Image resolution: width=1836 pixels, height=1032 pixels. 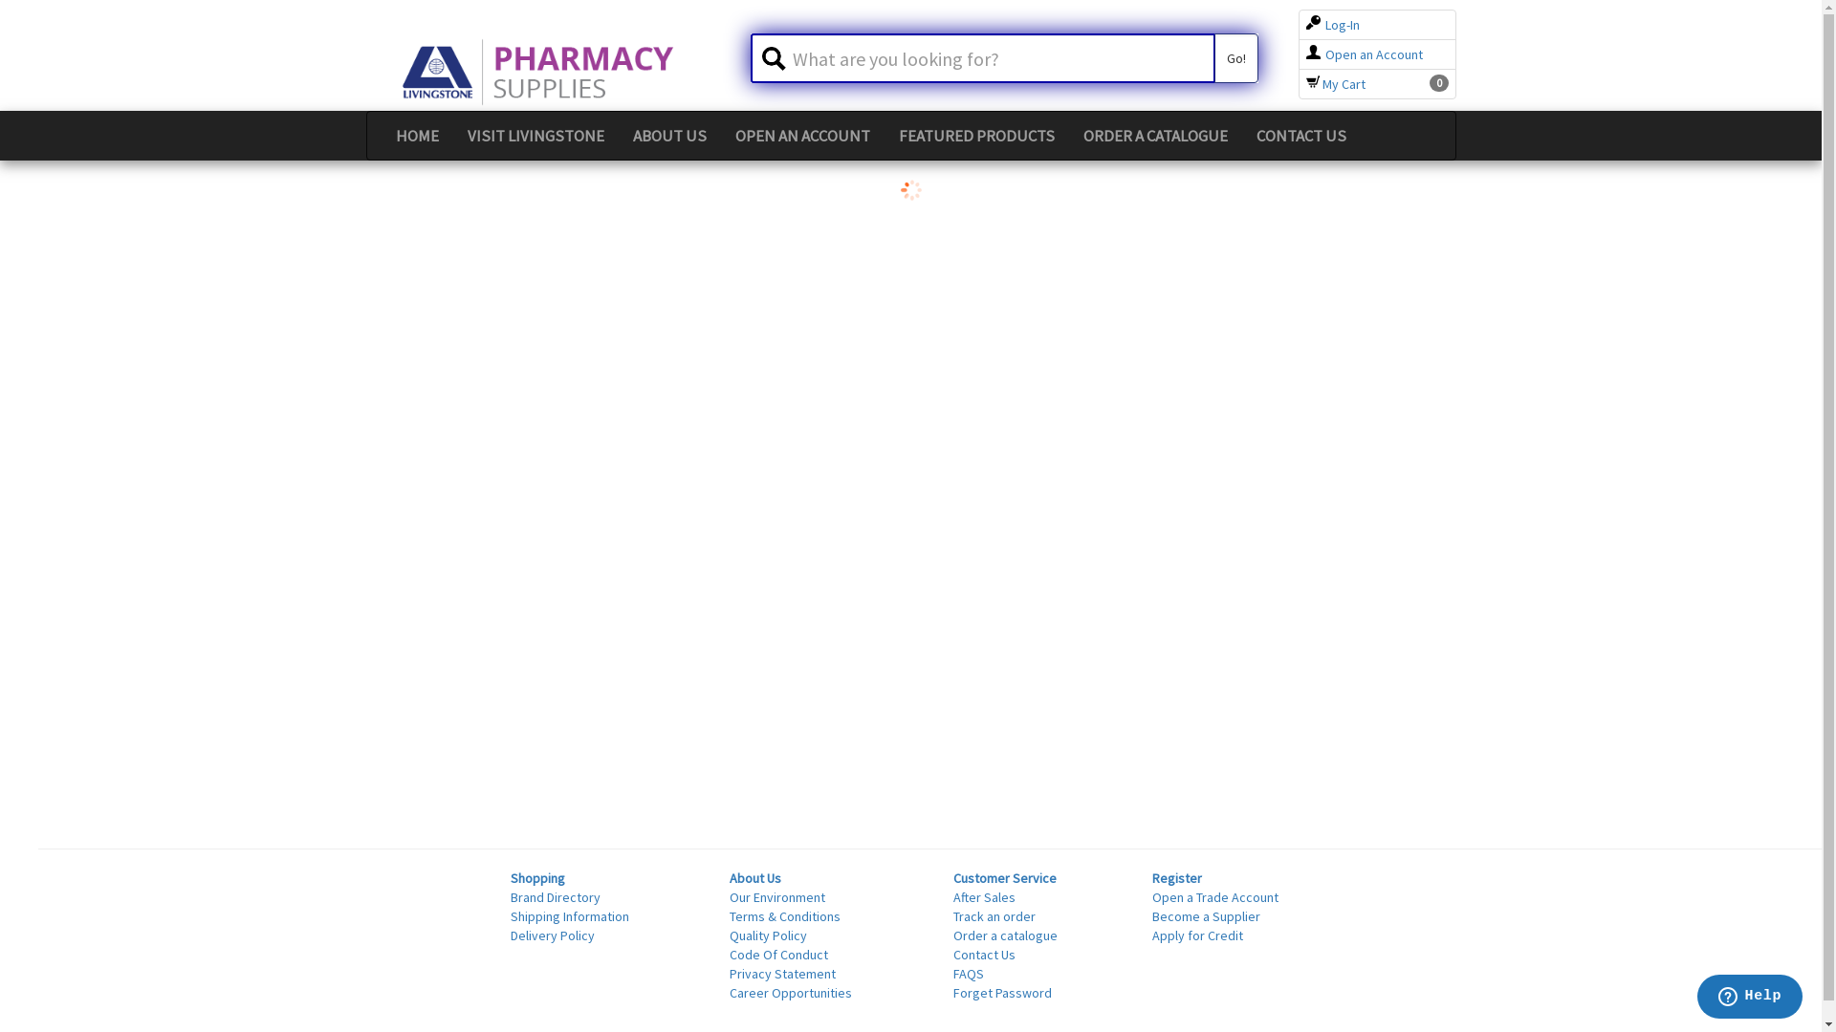 What do you see at coordinates (510, 915) in the screenshot?
I see `'Shipping Information'` at bounding box center [510, 915].